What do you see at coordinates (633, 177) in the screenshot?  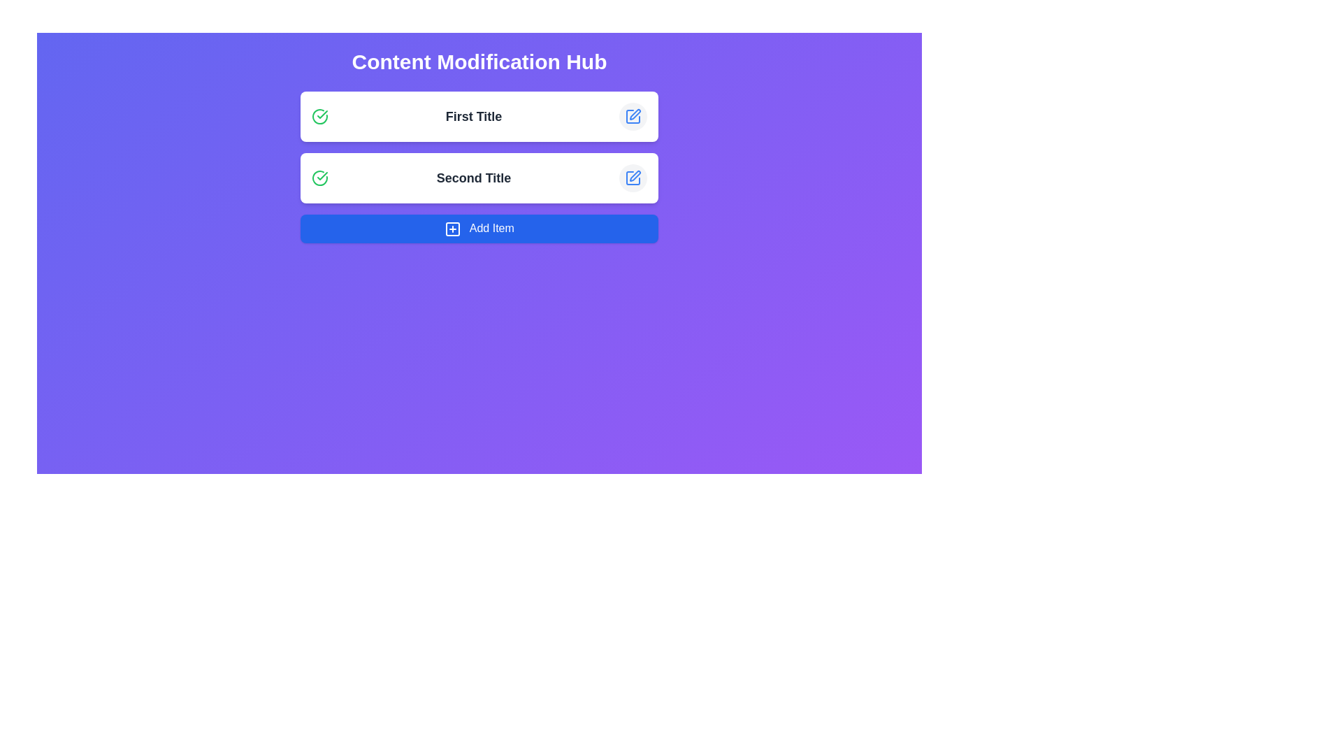 I see `the 'edit' icon located in the second list item corresponding to 'Second Title'` at bounding box center [633, 177].